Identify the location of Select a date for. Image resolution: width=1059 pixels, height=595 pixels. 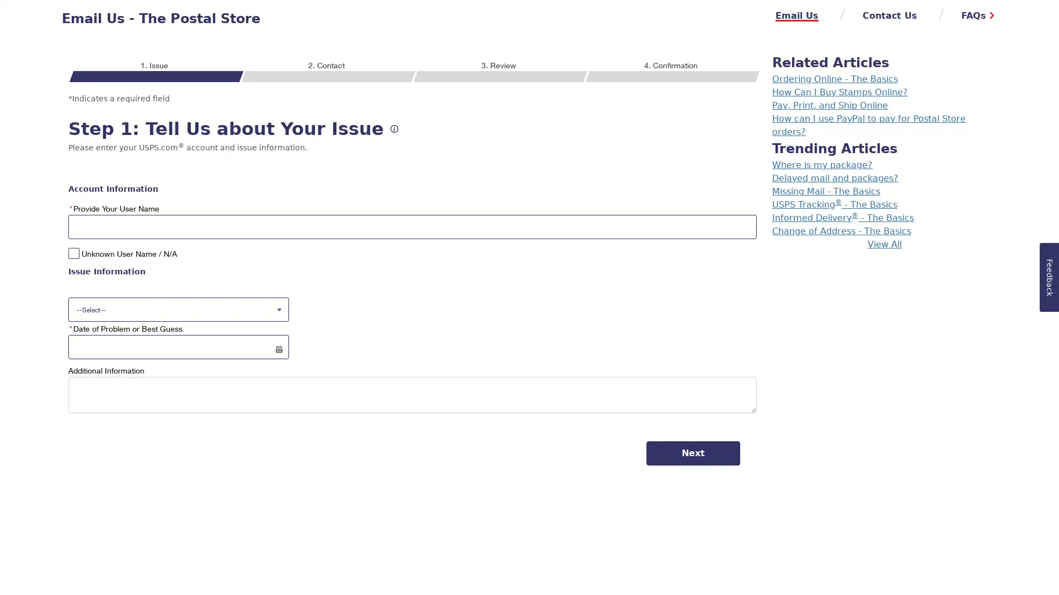
(279, 350).